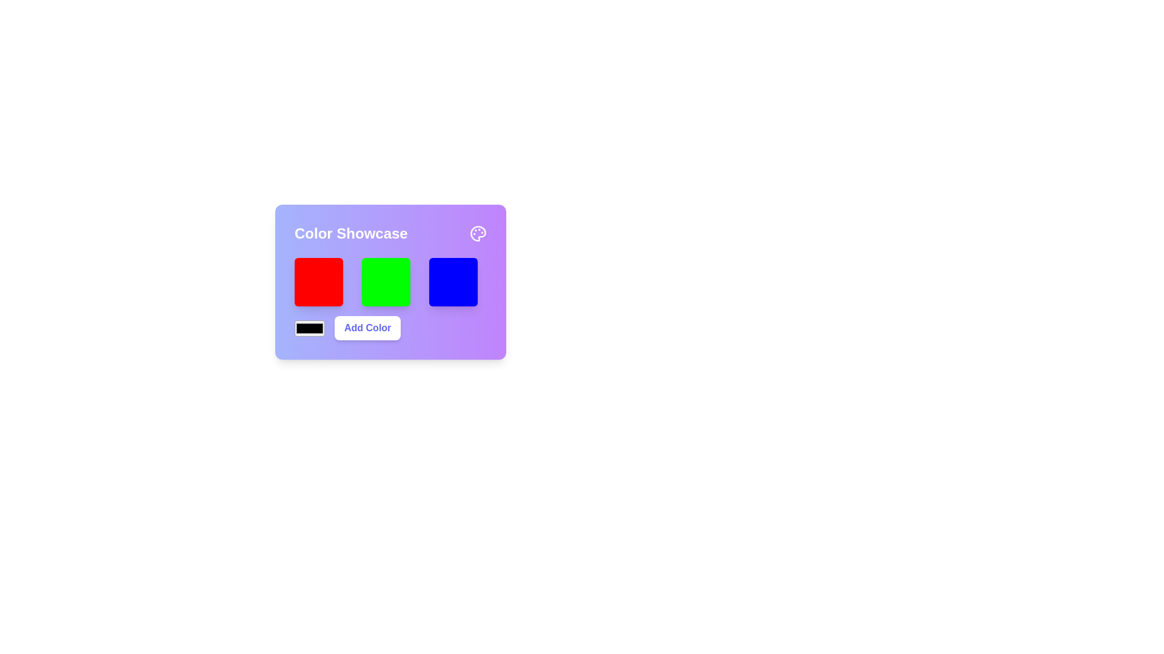  Describe the element at coordinates (350, 233) in the screenshot. I see `the text element displaying 'Color Showcase' in bold, large white font against a violet gradient background, located at the top-left corner of the violet block` at that location.